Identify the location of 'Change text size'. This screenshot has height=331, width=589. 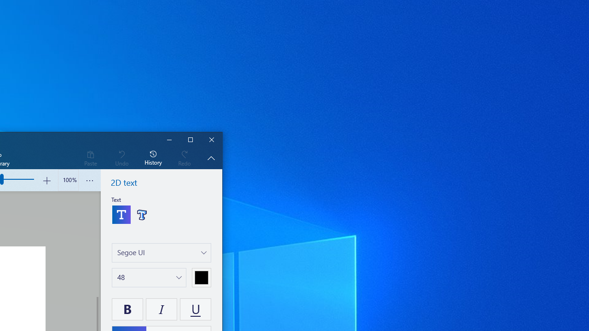
(149, 277).